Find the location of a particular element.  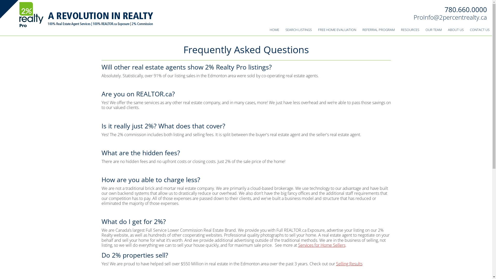

'OUR TEAM' is located at coordinates (433, 30).